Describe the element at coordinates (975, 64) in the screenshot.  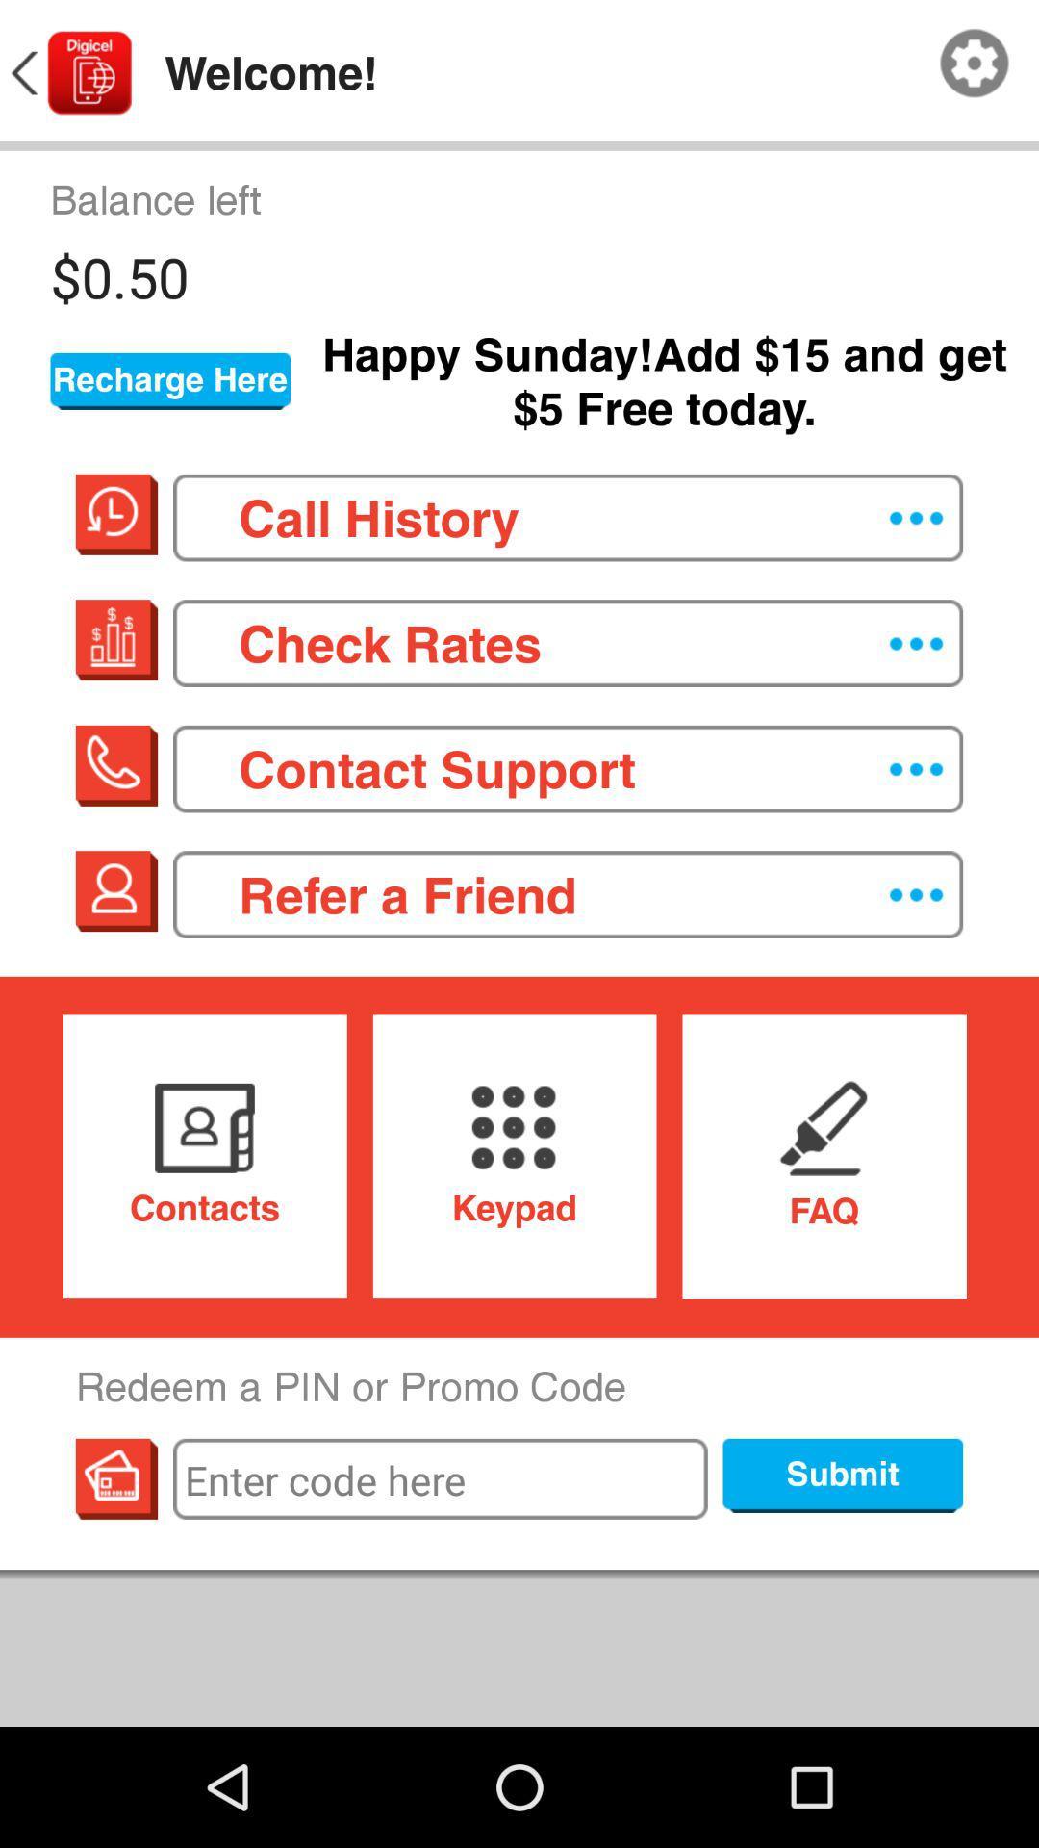
I see `item next to welcome! item` at that location.